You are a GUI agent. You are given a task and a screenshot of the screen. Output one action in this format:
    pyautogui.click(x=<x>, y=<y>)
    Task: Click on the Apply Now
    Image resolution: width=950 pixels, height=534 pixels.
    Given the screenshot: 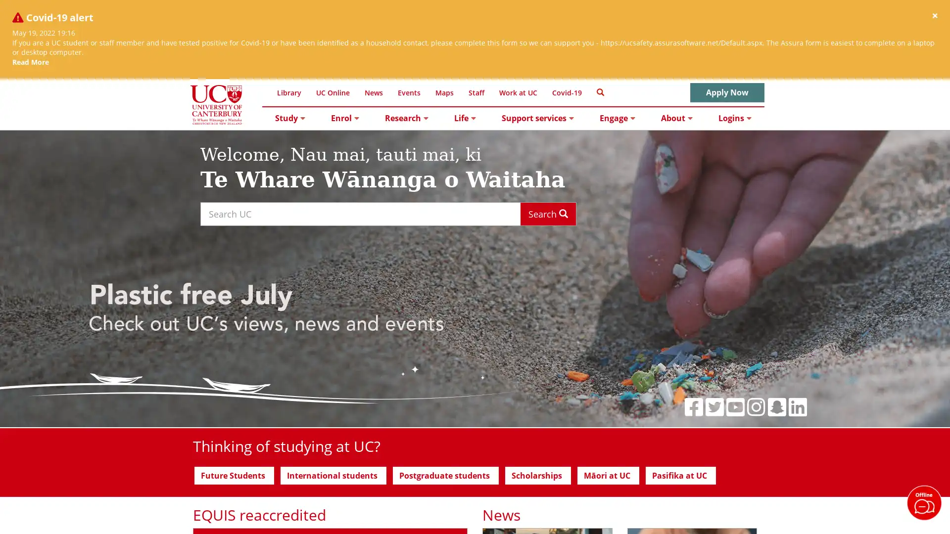 What is the action you would take?
    pyautogui.click(x=727, y=92)
    